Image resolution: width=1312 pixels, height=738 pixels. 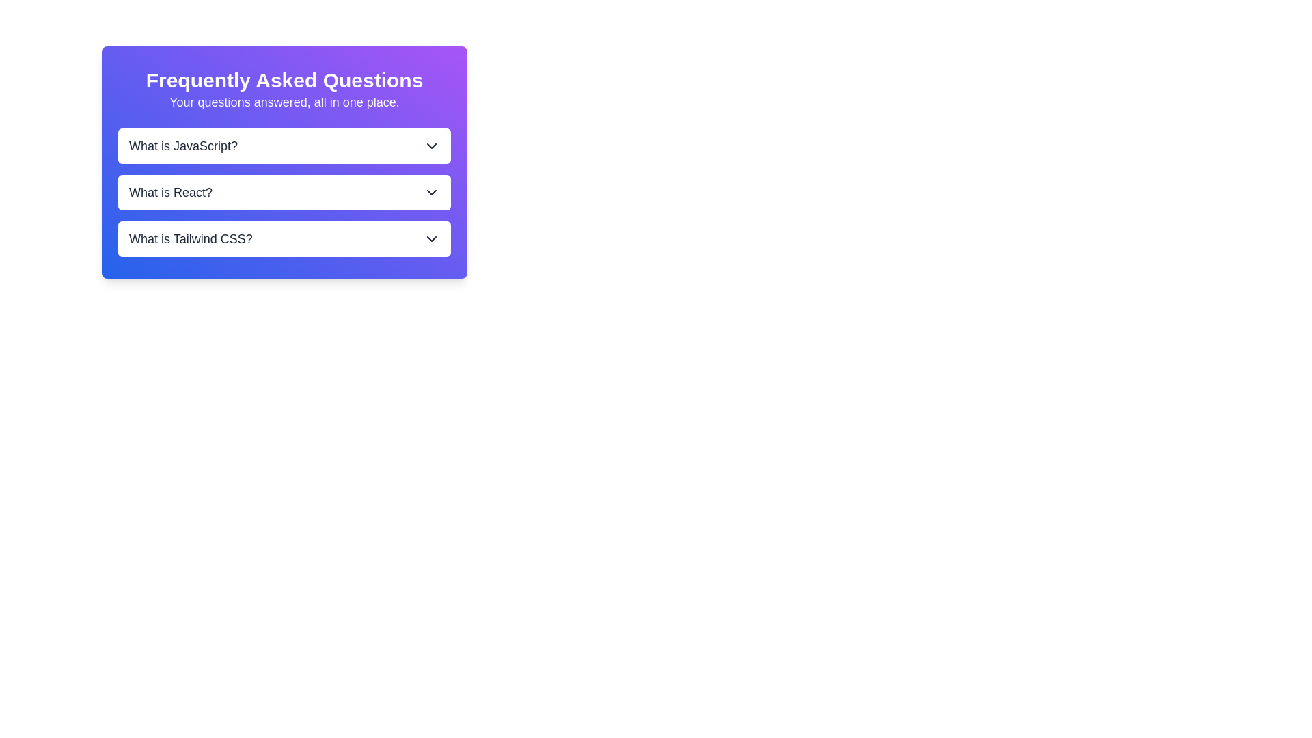 I want to click on the heading for the Frequently Asked Questions section, which provides an introductory label above the text 'Your questions answered, all in one place.', so click(x=284, y=81).